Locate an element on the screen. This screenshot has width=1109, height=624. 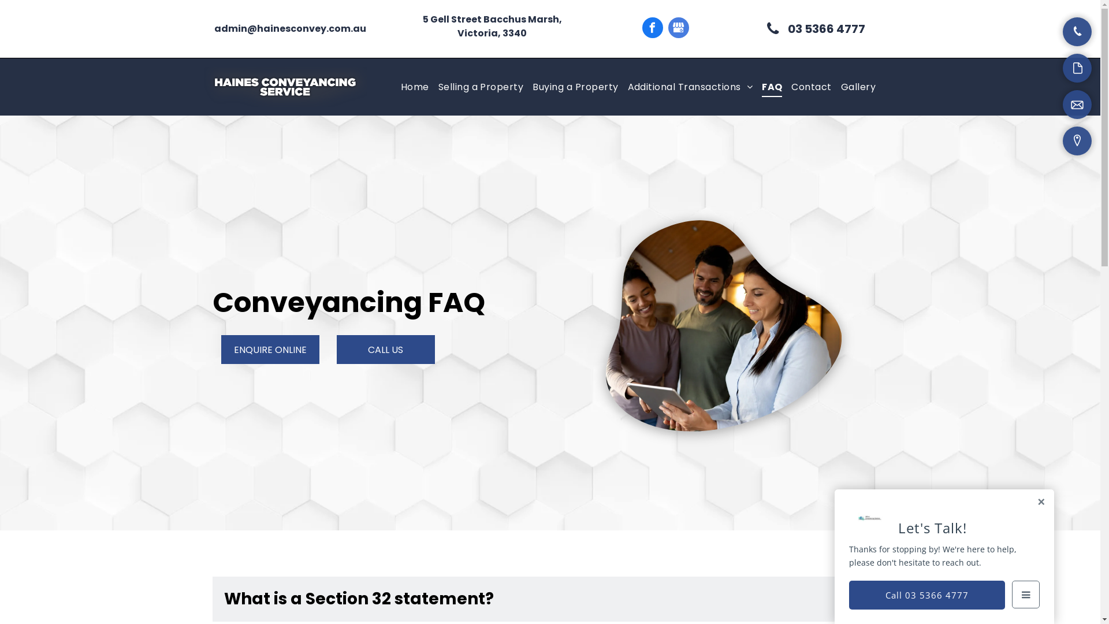
'ENQUIRE ONLINE' is located at coordinates (269, 349).